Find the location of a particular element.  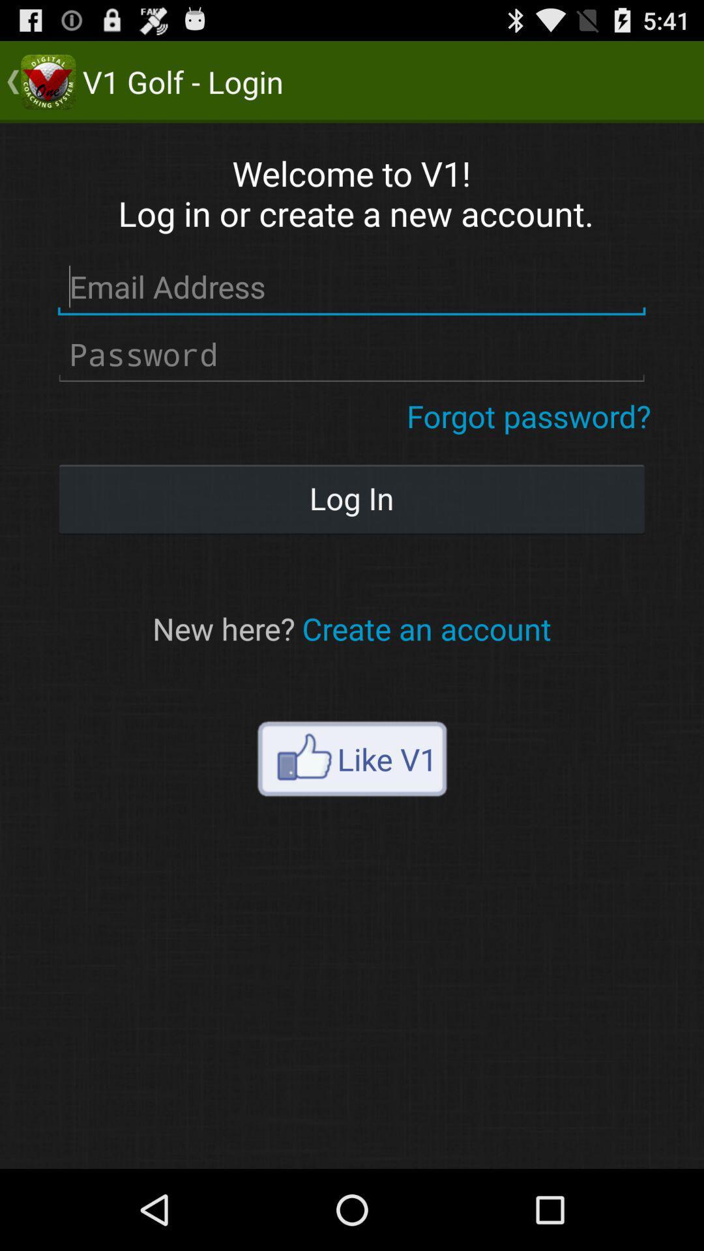

input your email address is located at coordinates (351, 287).